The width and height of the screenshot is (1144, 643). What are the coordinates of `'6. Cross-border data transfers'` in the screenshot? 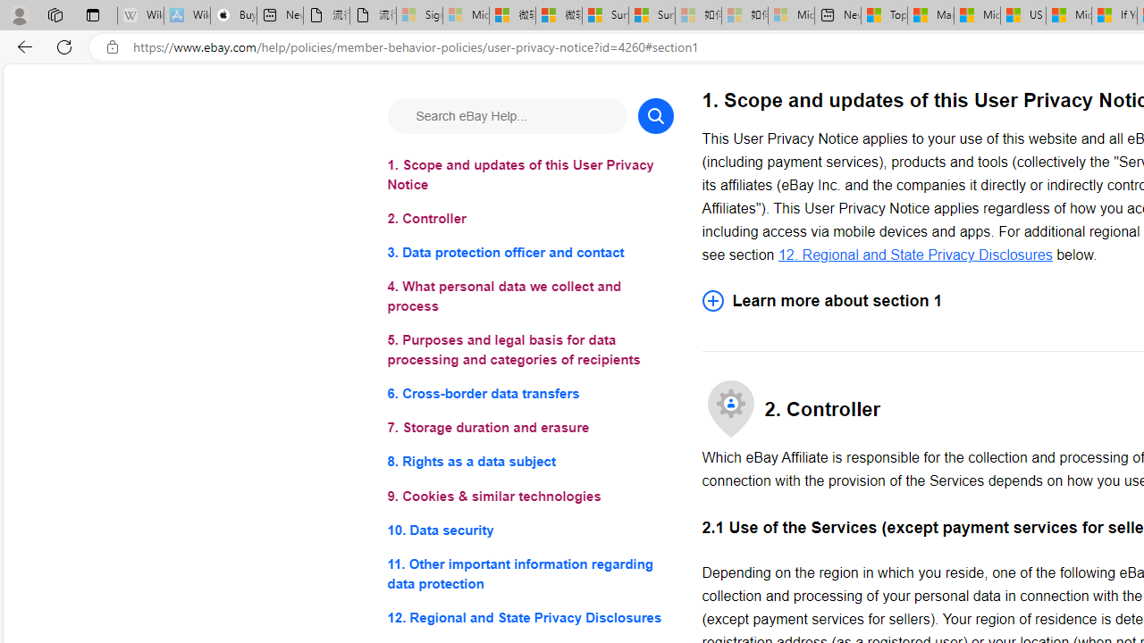 It's located at (529, 393).